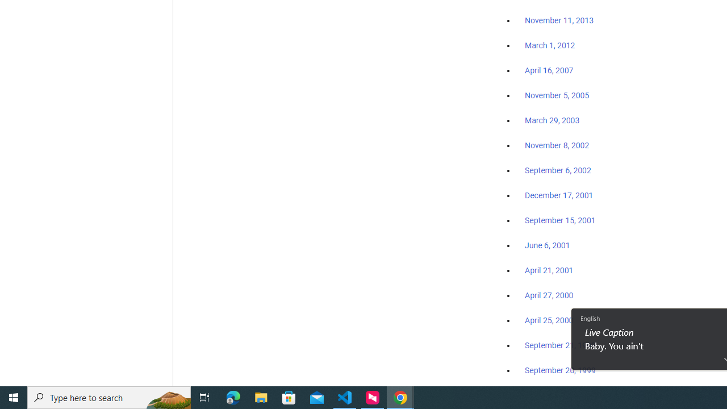 The height and width of the screenshot is (409, 727). What do you see at coordinates (289, 397) in the screenshot?
I see `'Microsoft Store'` at bounding box center [289, 397].